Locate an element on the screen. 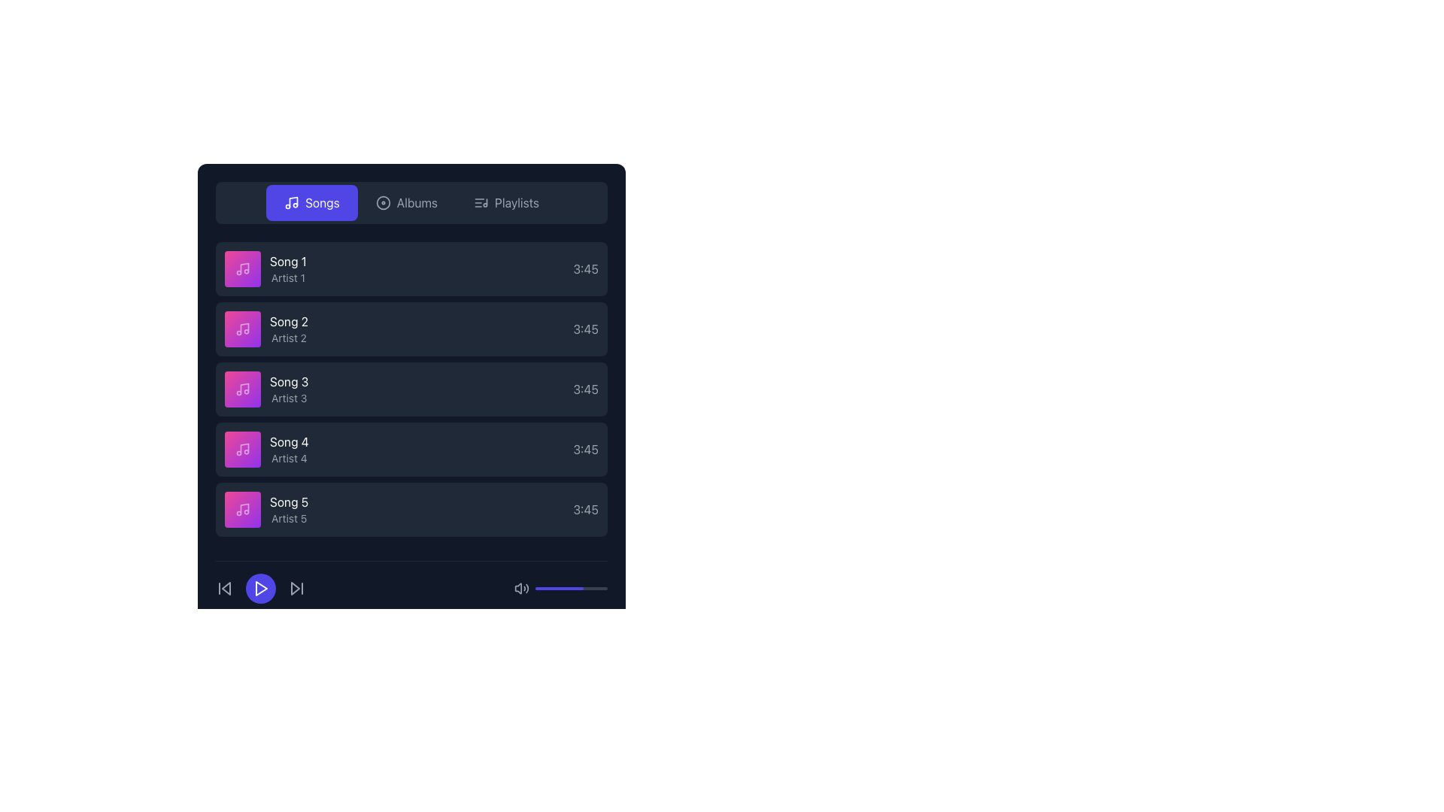 The height and width of the screenshot is (812, 1444). the circular blue play button with a white triangular play icon, located at the bottom of the music player interface to play media is located at coordinates (260, 588).